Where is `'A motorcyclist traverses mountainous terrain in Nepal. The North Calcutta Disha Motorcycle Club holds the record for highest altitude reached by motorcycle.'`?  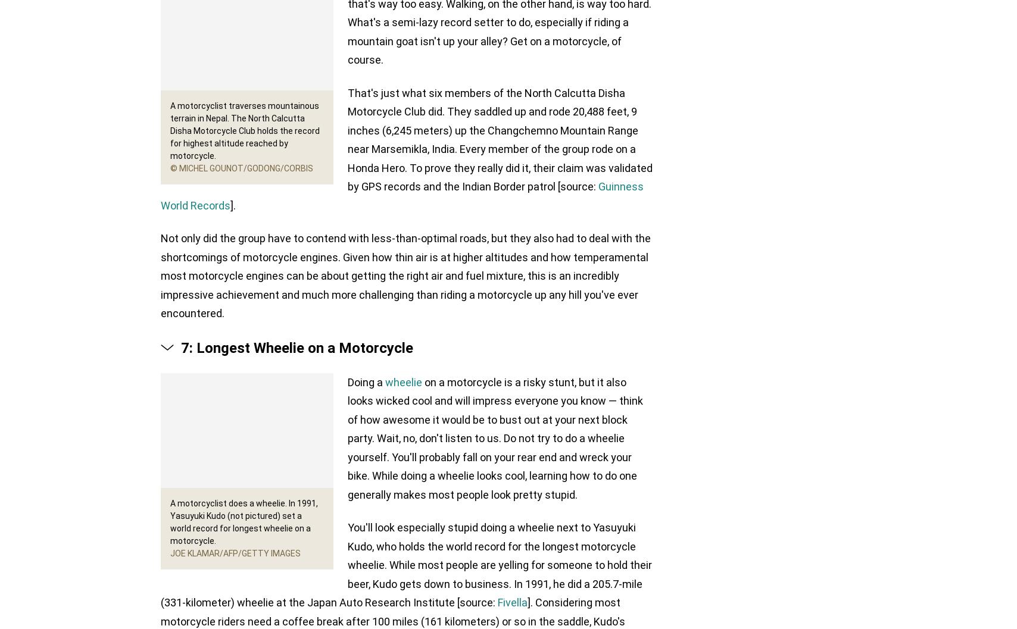
'A motorcyclist traverses mountainous terrain in Nepal. The North Calcutta Disha Motorcycle Club holds the record for highest altitude reached by motorcycle.' is located at coordinates (245, 130).